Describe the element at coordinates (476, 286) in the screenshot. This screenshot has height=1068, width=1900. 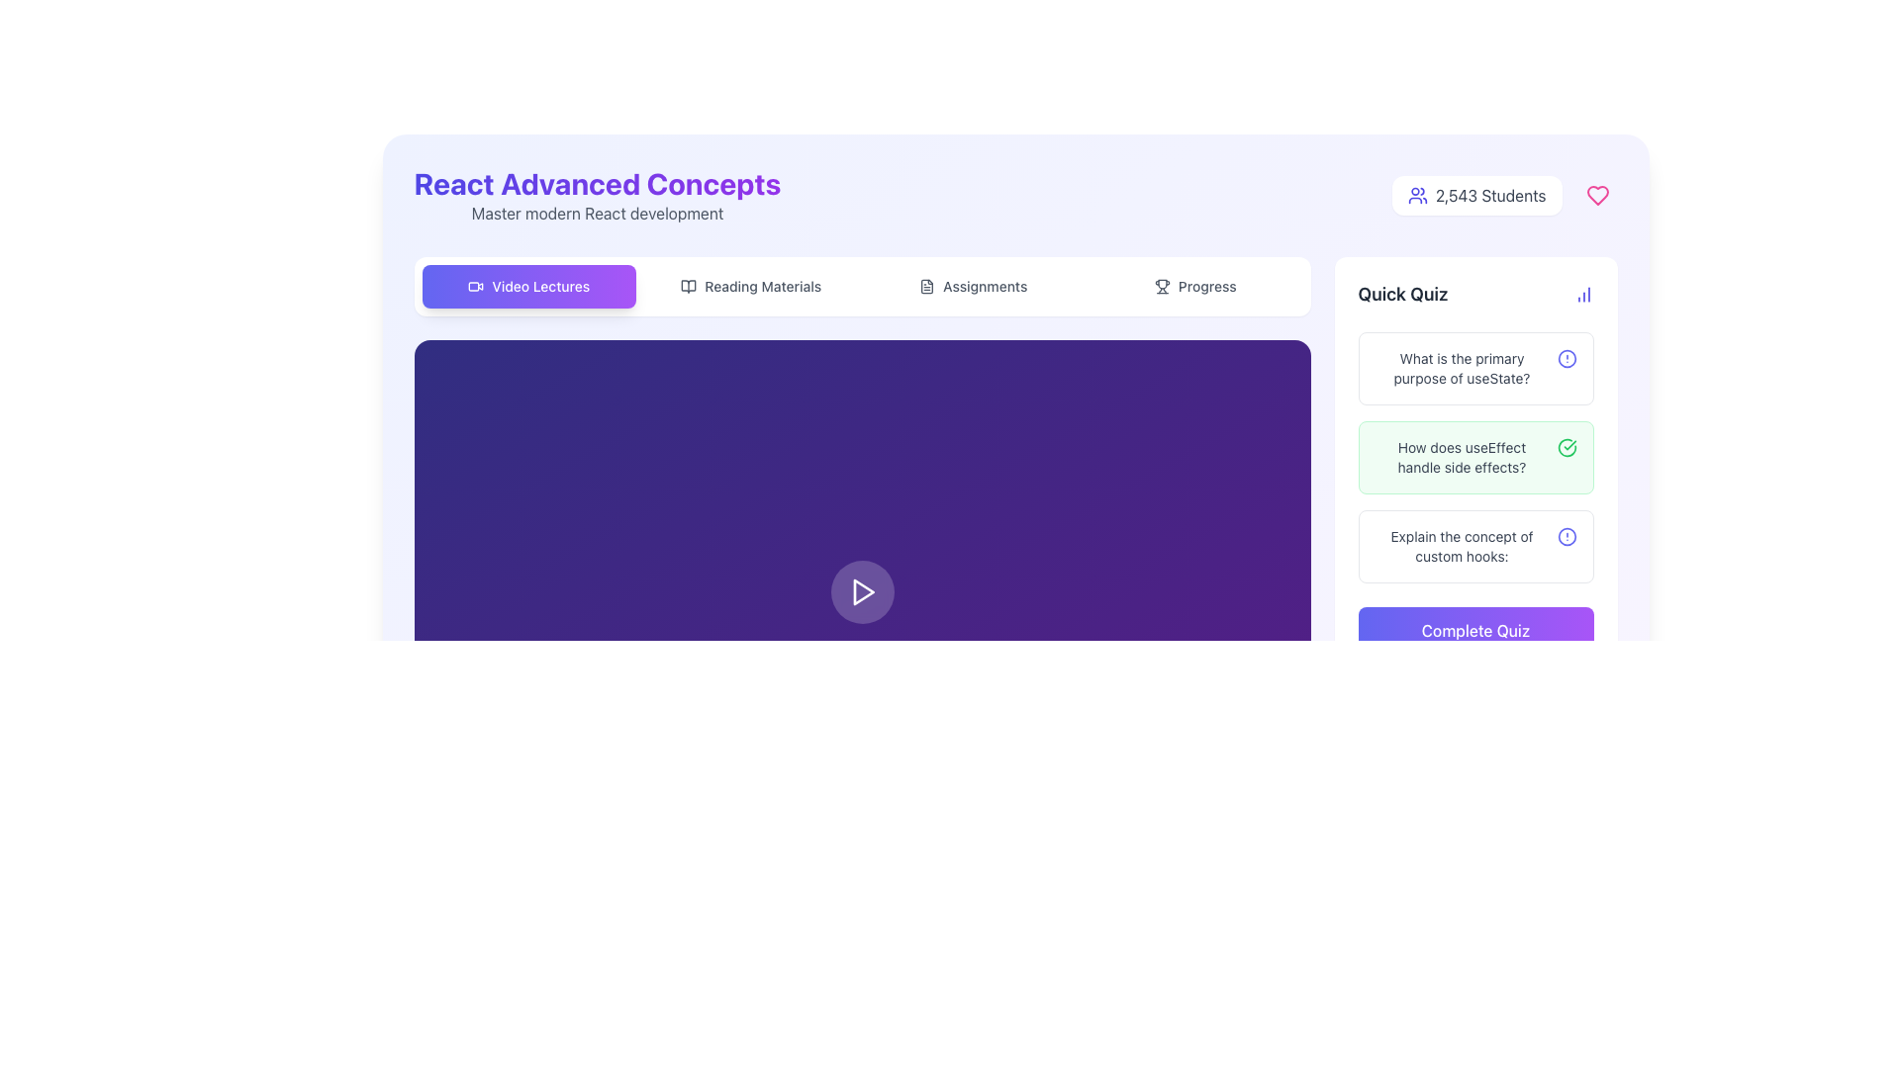
I see `the video icon located at the top-left area of the navigation bar, which is part of the 'Video Lectures' button, to understand its purpose` at that location.